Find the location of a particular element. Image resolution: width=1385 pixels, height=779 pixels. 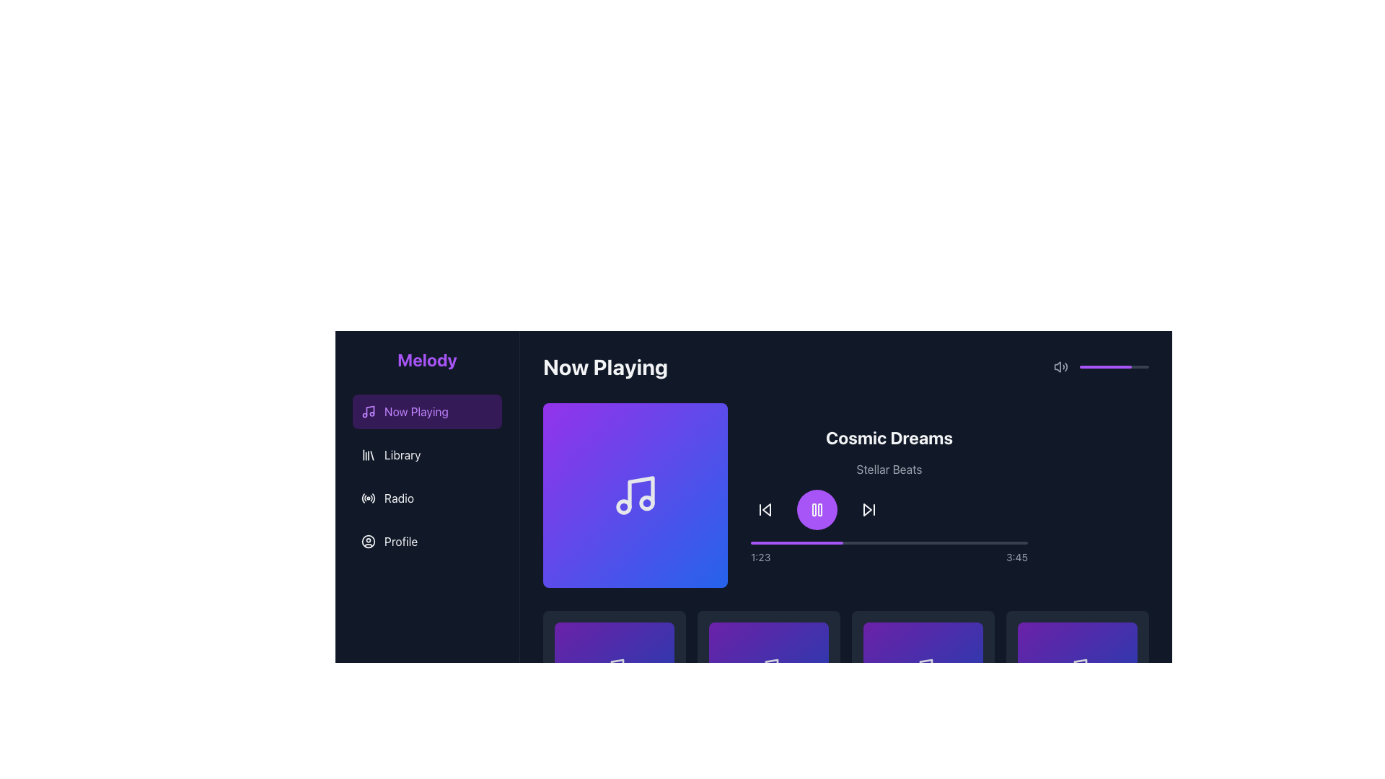

the 'Profile' text label, which is displayed in white against a dark background at the bottom of a vertical list menu is located at coordinates (401, 542).